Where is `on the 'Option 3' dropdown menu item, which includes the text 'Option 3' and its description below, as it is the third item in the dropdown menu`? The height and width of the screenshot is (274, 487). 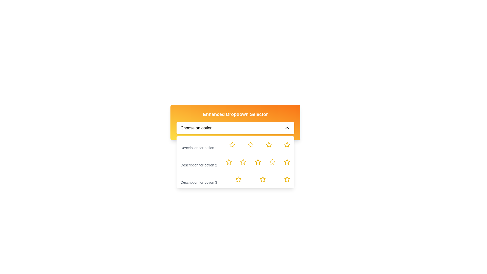 on the 'Option 3' dropdown menu item, which includes the text 'Option 3' and its description below, as it is the third item in the dropdown menu is located at coordinates (235, 179).